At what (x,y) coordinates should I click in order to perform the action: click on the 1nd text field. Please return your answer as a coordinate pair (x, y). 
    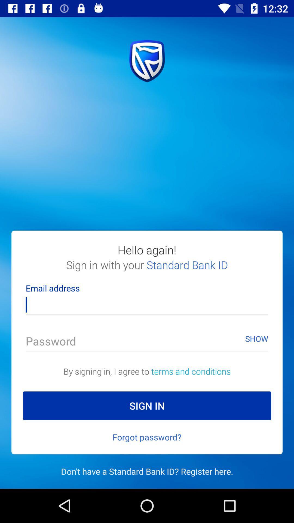
    Looking at the image, I should click on (147, 302).